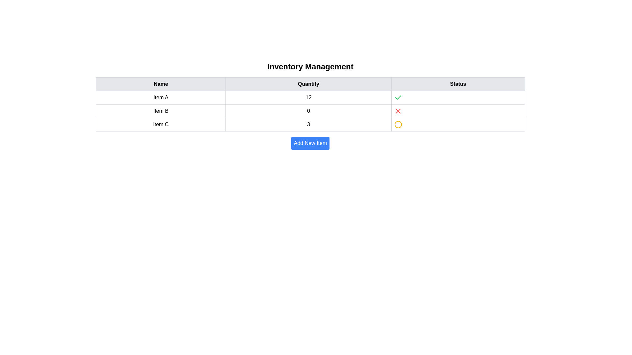 The image size is (632, 355). Describe the element at coordinates (308, 111) in the screenshot. I see `the table cell containing the numerical text '0' in the 'Quantity' column for 'Item B' by moving the cursor to its center point` at that location.